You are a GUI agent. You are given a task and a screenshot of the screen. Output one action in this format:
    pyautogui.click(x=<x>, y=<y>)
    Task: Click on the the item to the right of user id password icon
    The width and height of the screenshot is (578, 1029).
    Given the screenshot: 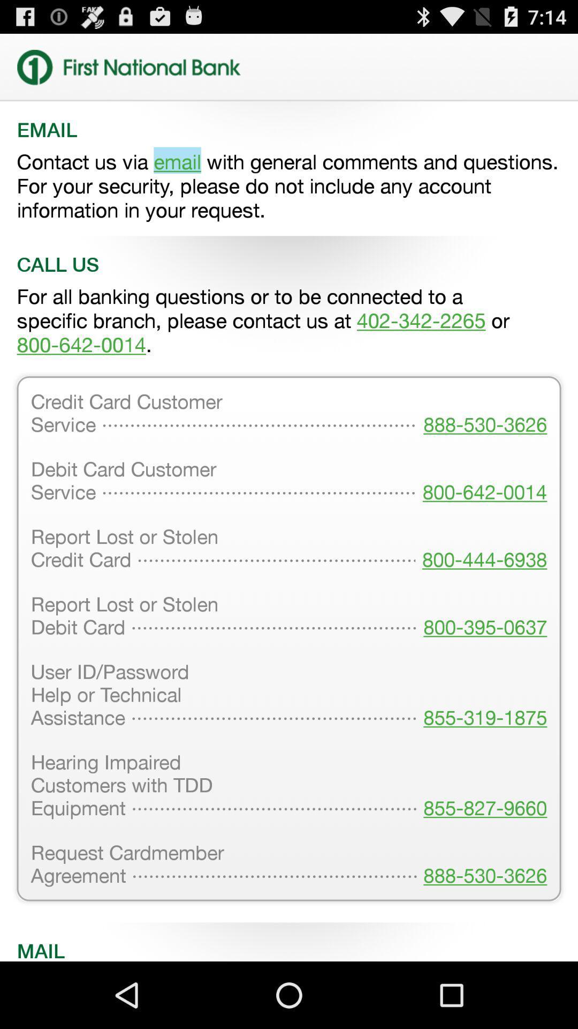 What is the action you would take?
    pyautogui.click(x=482, y=786)
    